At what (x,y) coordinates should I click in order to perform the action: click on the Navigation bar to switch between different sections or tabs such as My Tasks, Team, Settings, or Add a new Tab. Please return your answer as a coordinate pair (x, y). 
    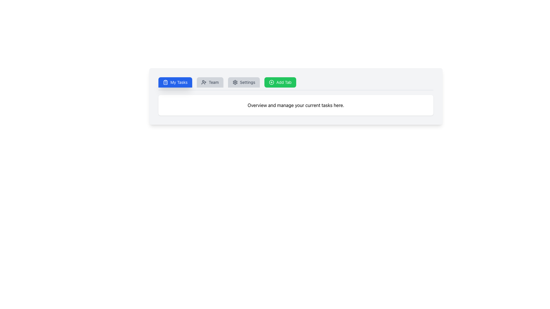
    Looking at the image, I should click on (296, 84).